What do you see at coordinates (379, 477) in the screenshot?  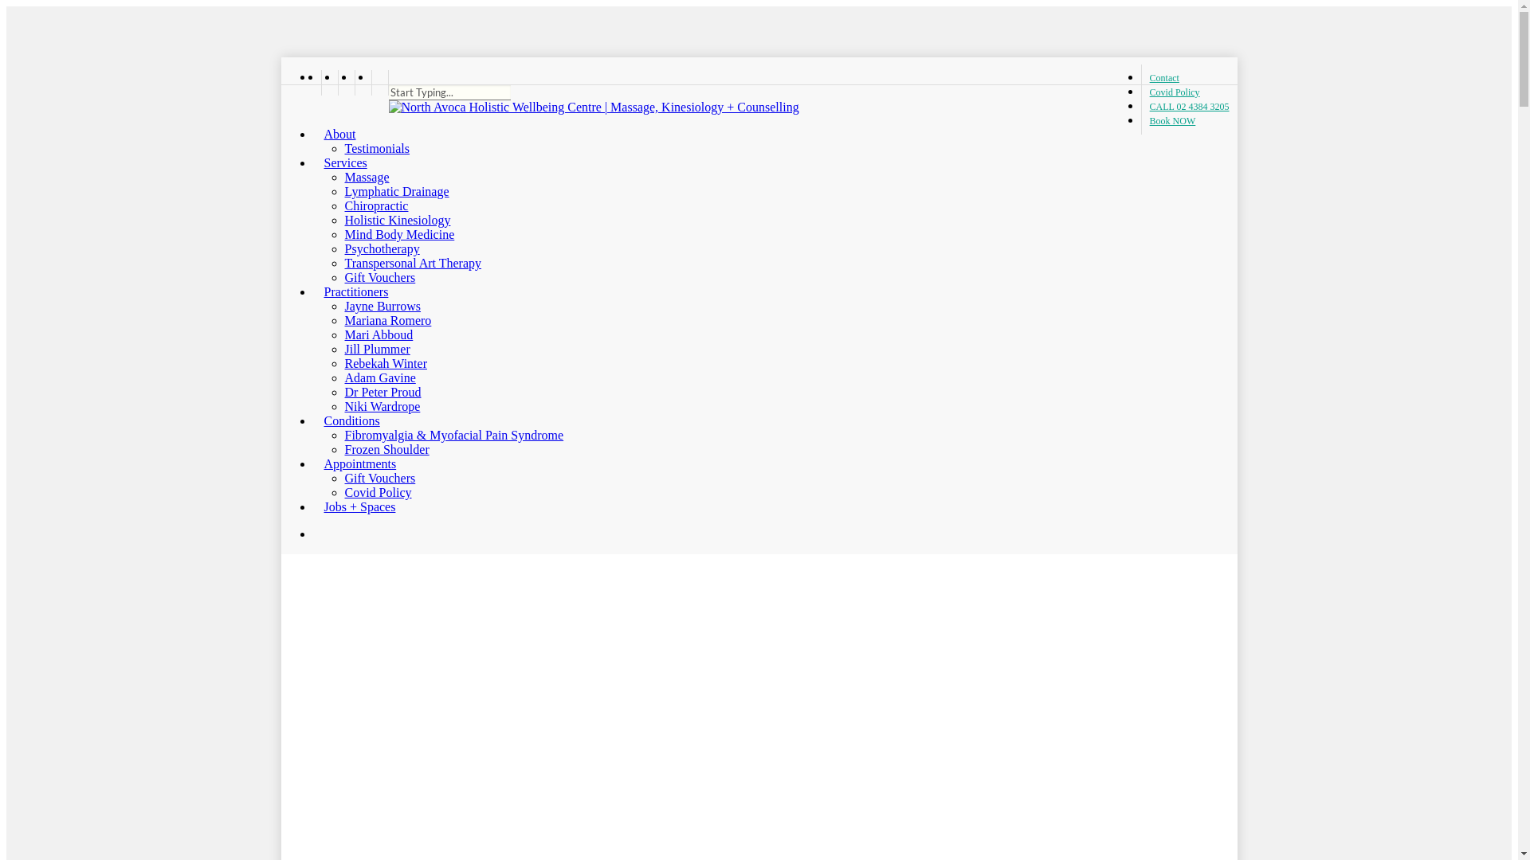 I see `'Gift Vouchers'` at bounding box center [379, 477].